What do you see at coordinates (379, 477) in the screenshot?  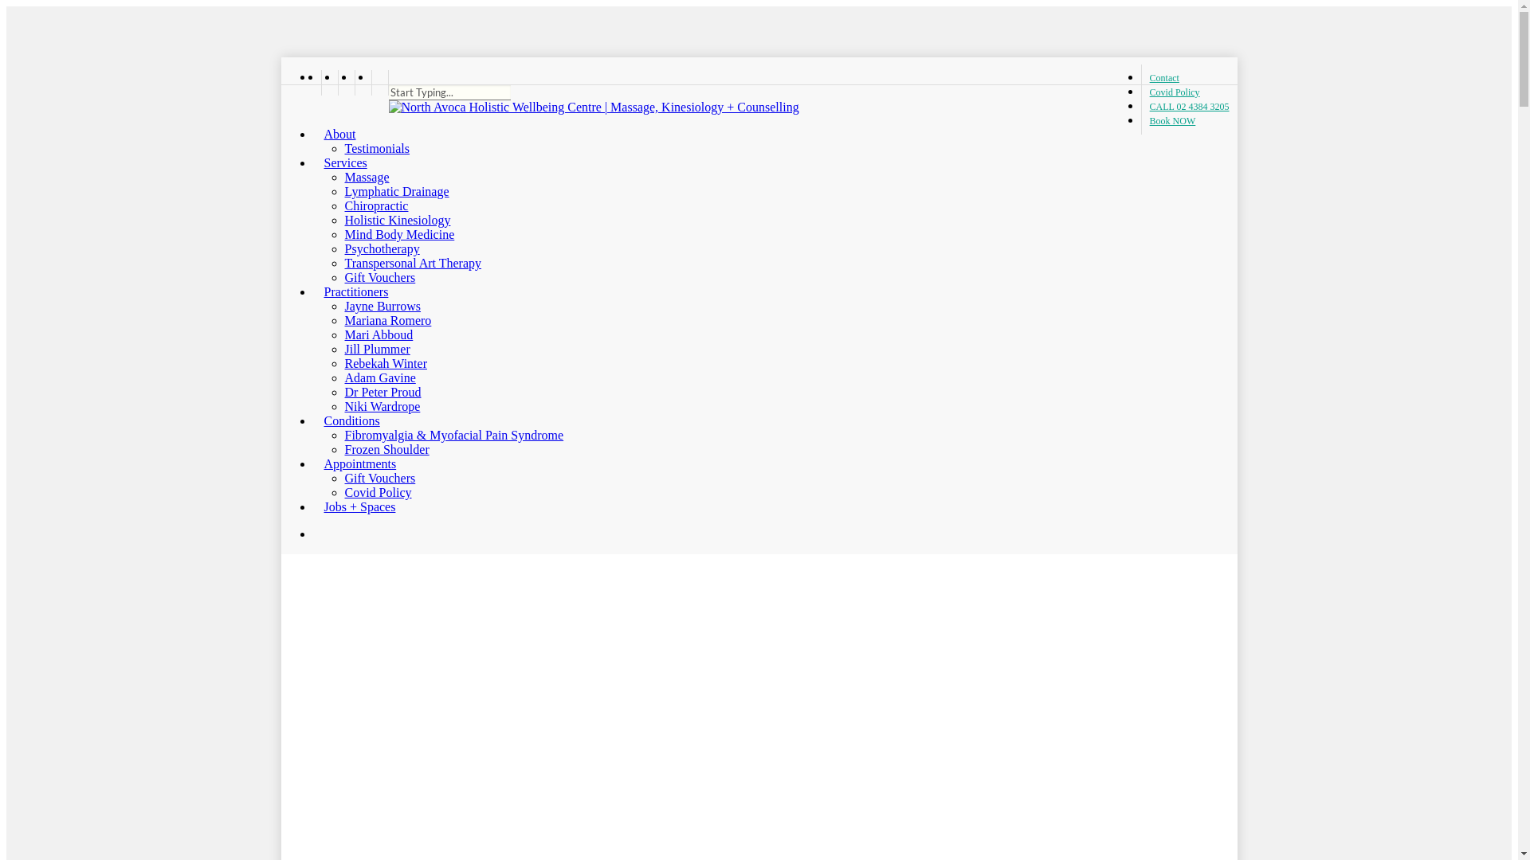 I see `'Gift Vouchers'` at bounding box center [379, 477].